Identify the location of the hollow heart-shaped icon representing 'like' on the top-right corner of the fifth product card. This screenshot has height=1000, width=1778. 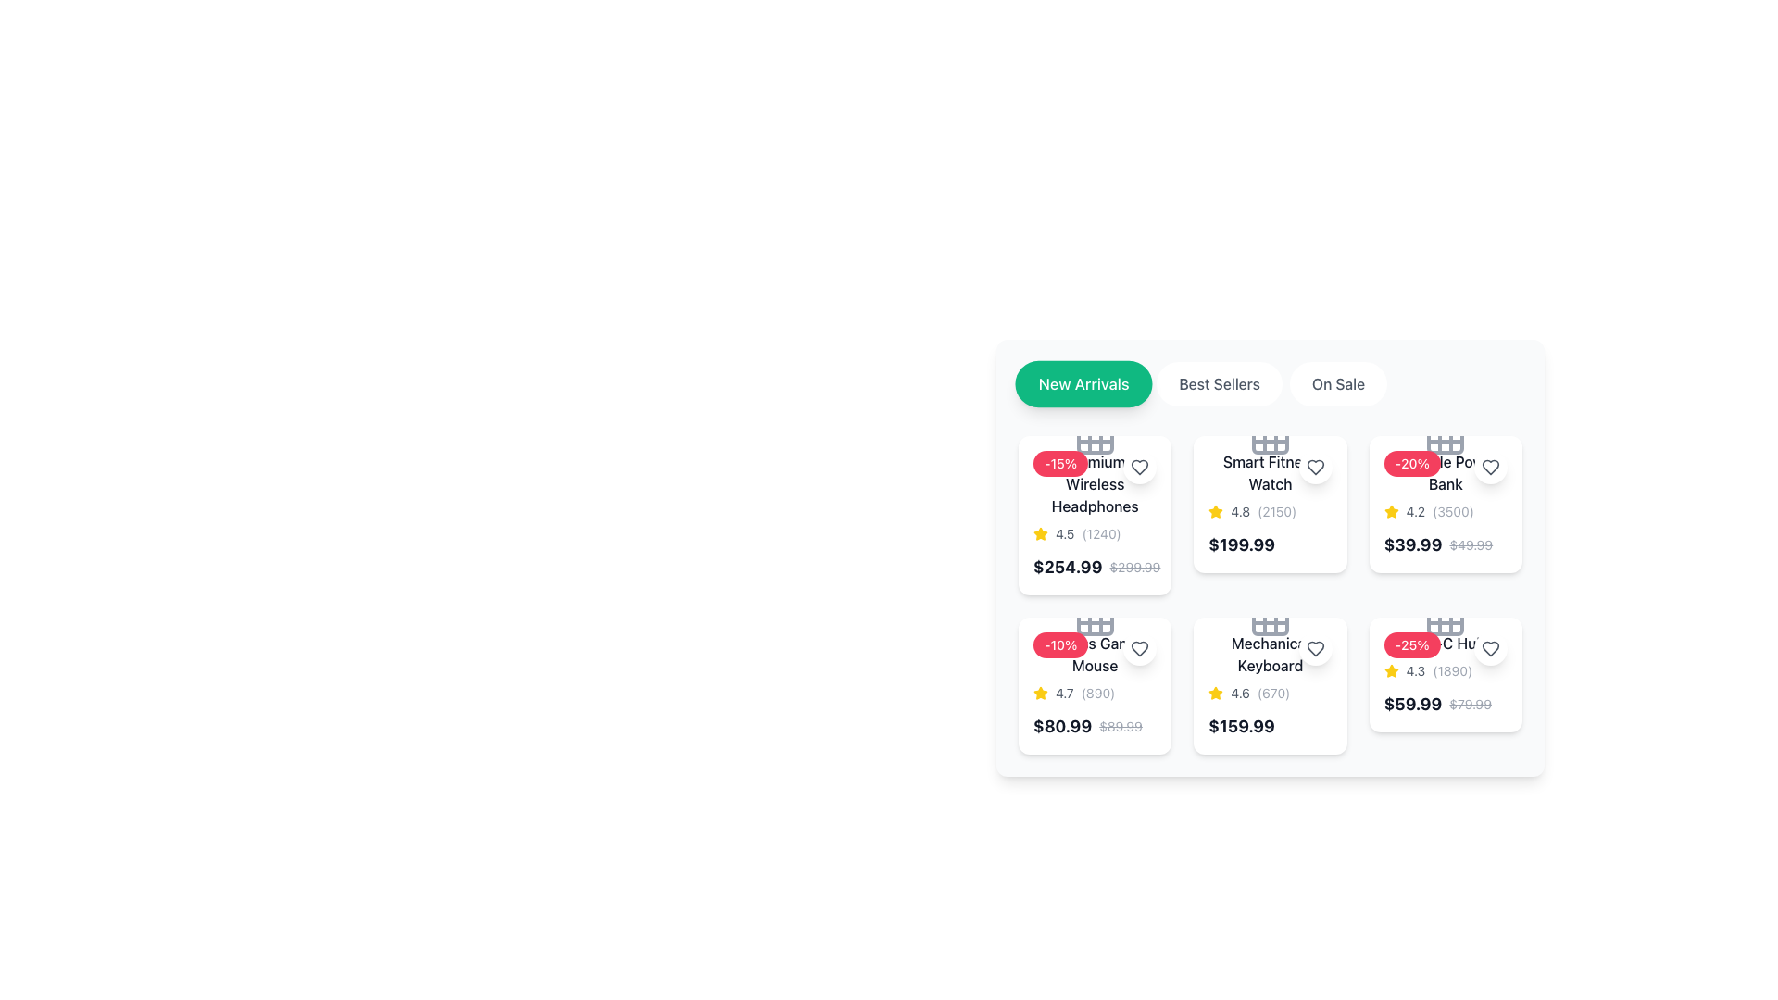
(1314, 648).